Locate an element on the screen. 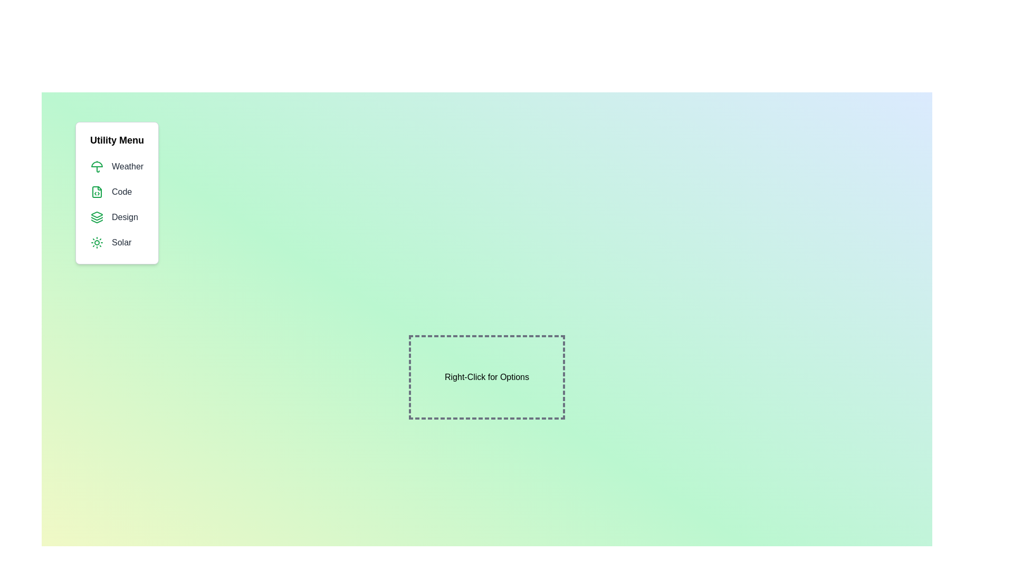 The height and width of the screenshot is (570, 1013). the menu item Design from the menu is located at coordinates (117, 217).